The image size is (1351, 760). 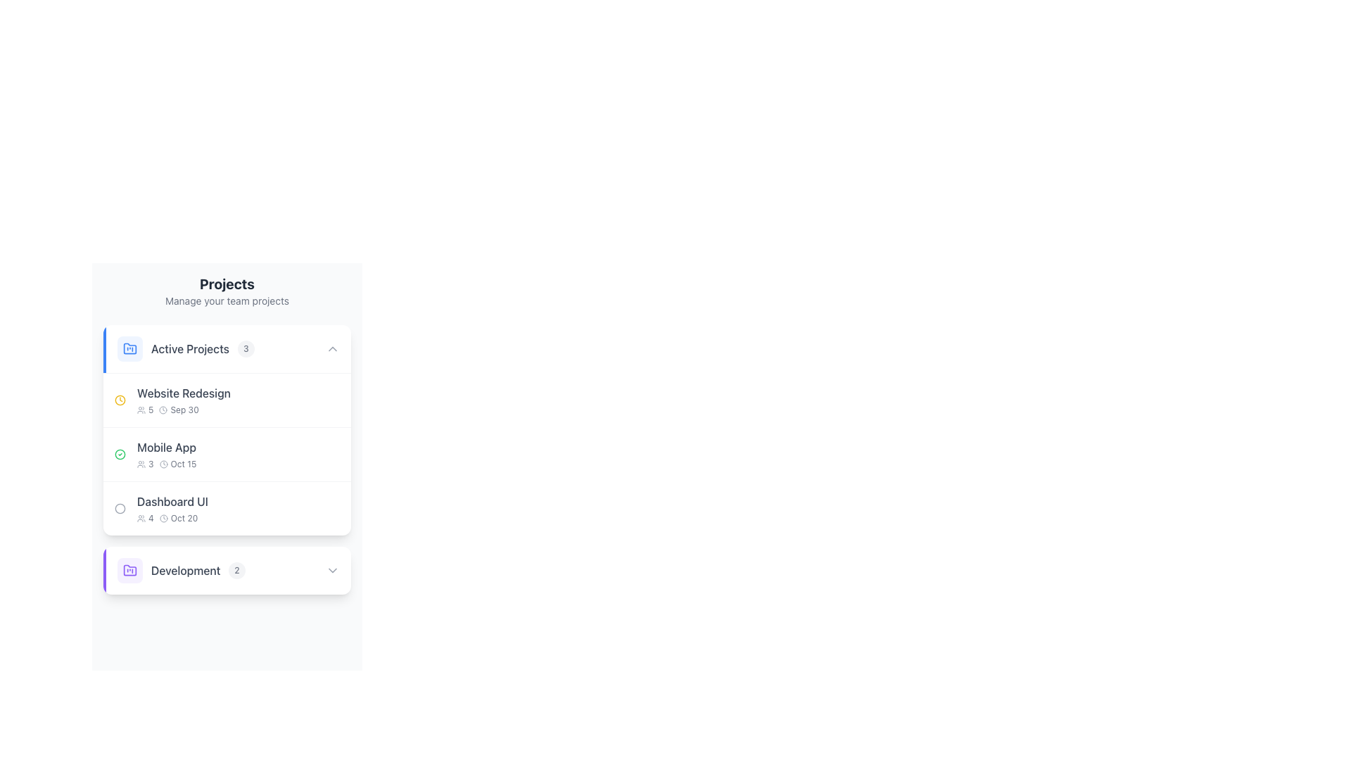 I want to click on the first item in the 'Active Projects' section, so click(x=227, y=399).